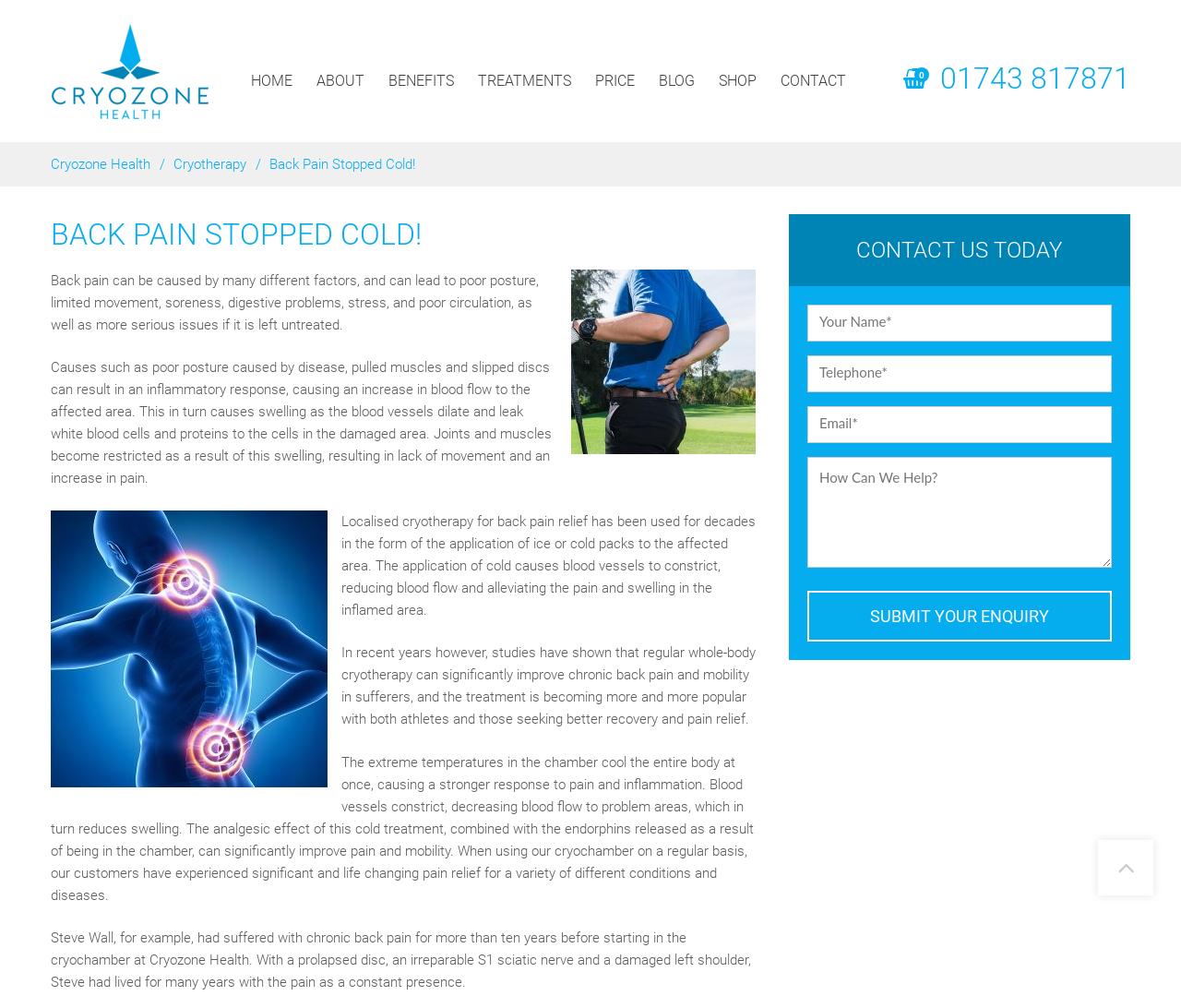  What do you see at coordinates (1035, 78) in the screenshot?
I see `'01743 817871'` at bounding box center [1035, 78].